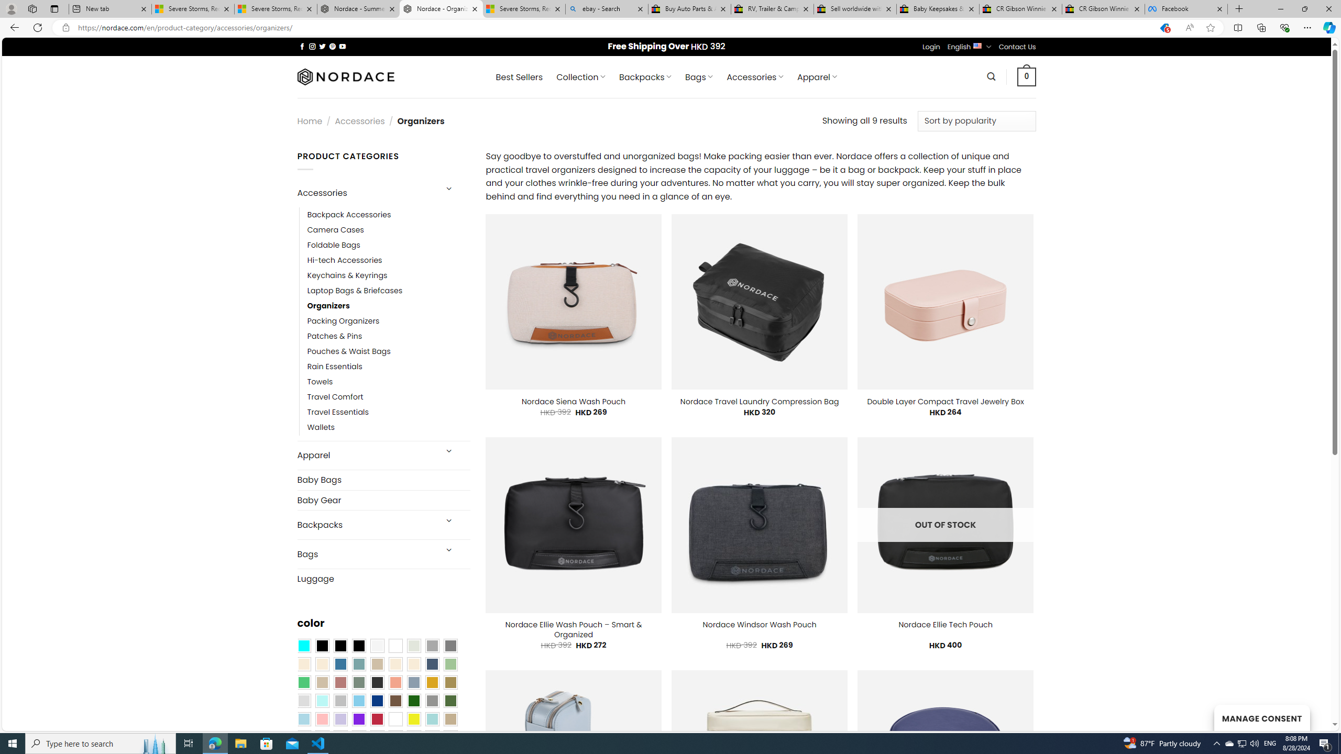 The height and width of the screenshot is (754, 1341). I want to click on 'Backpacks', so click(365, 525).